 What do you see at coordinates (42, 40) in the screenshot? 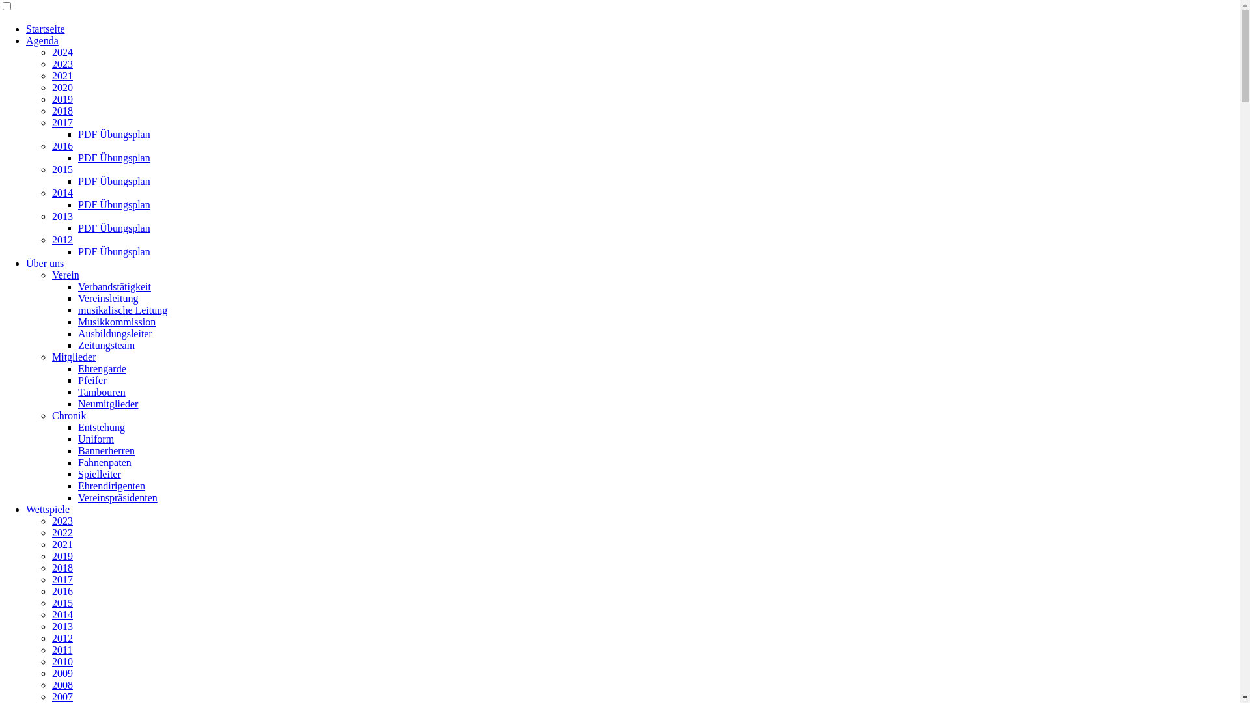
I see `'Agenda'` at bounding box center [42, 40].